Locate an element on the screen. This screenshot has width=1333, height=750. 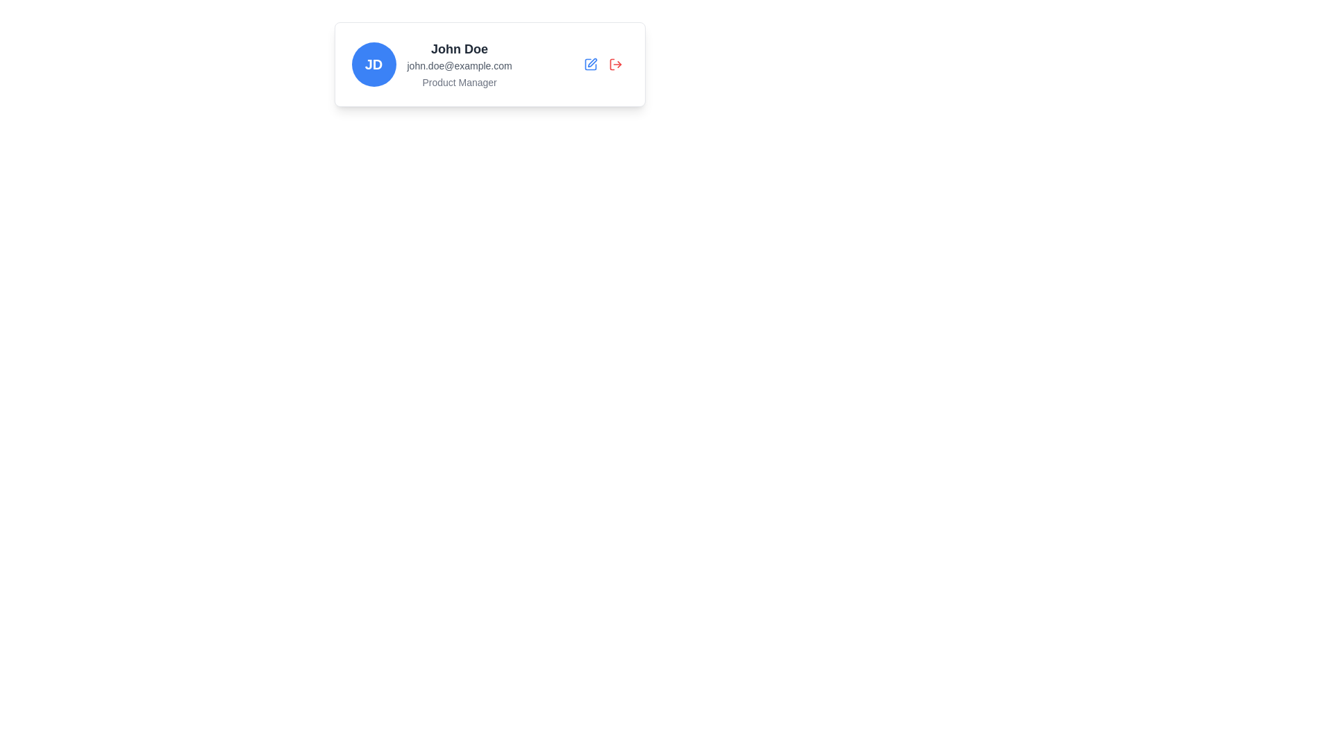
the logout icon located in the top-right area of the profile card, immediately to the right of the blue 'Edit Profile' icon is located at coordinates (603, 64).